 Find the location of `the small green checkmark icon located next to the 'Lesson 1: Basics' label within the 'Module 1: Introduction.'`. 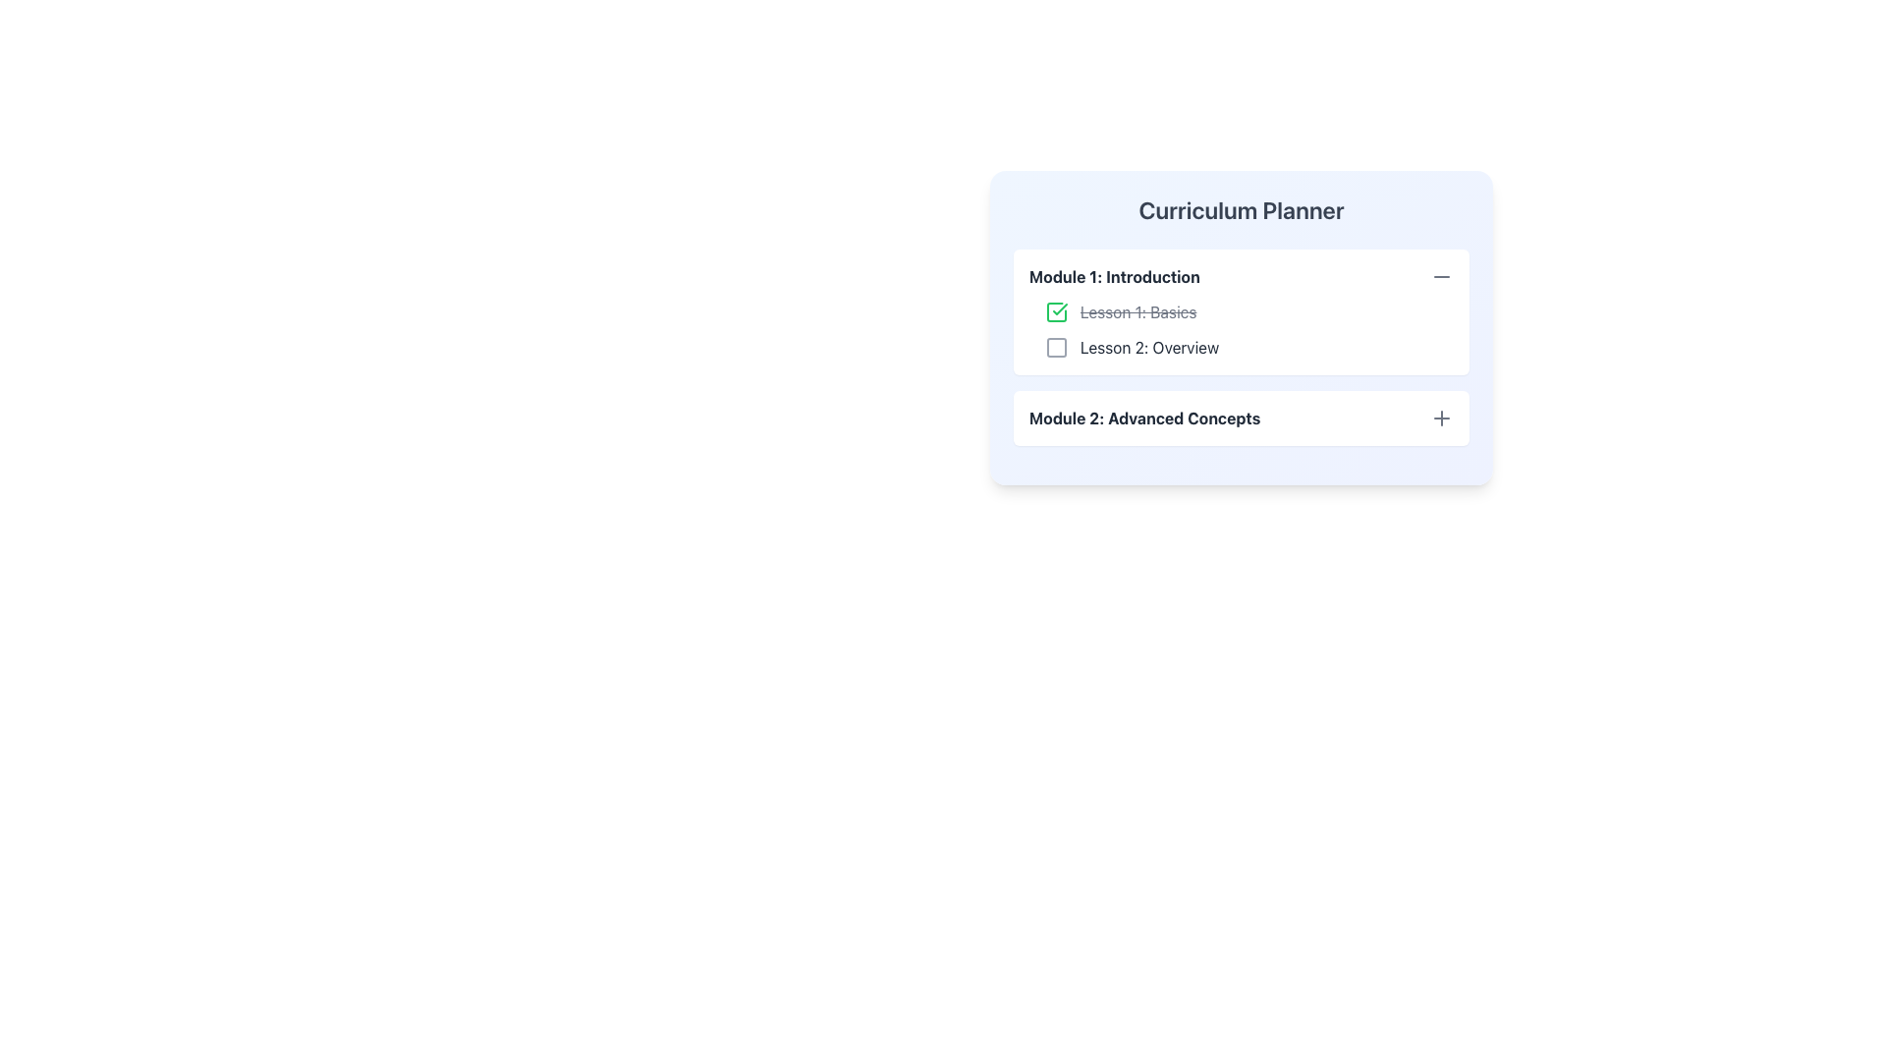

the small green checkmark icon located next to the 'Lesson 1: Basics' label within the 'Module 1: Introduction.' is located at coordinates (1059, 309).